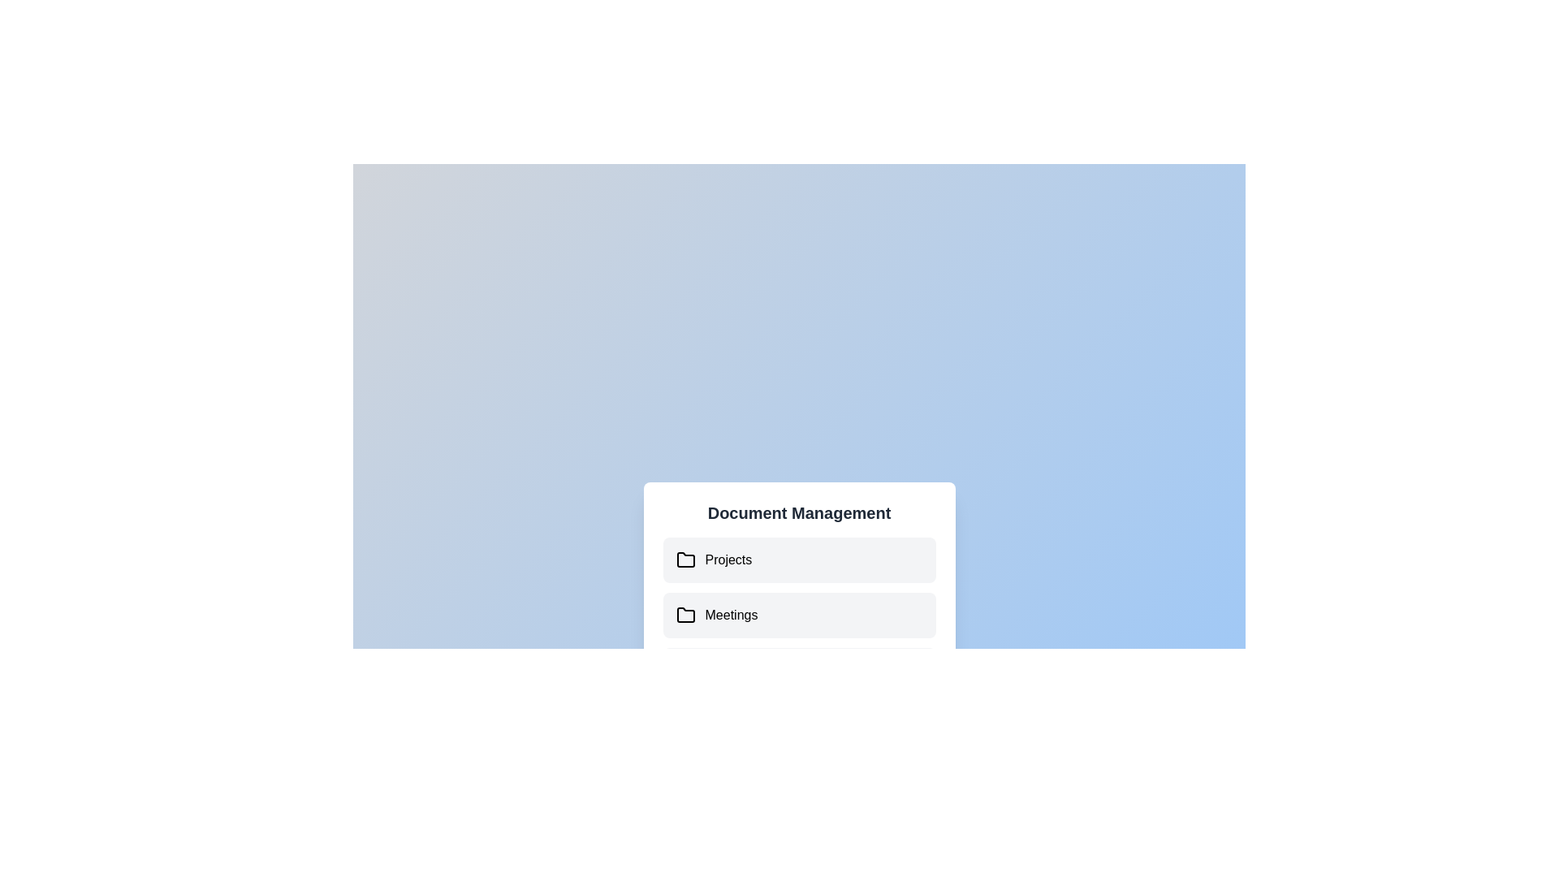 This screenshot has width=1559, height=877. I want to click on the document 'User Data.xlsx' under the folder 'Projects', so click(799, 559).